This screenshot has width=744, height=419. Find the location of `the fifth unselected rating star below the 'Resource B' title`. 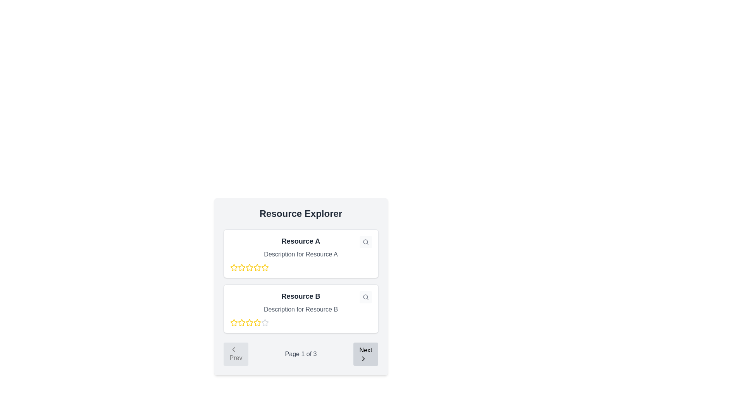

the fifth unselected rating star below the 'Resource B' title is located at coordinates (265, 323).